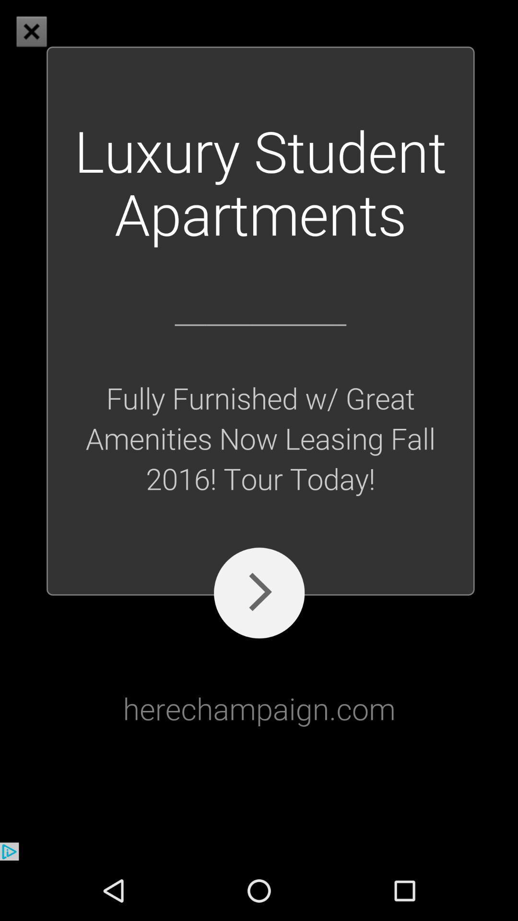 The height and width of the screenshot is (921, 518). I want to click on the close icon, so click(31, 34).